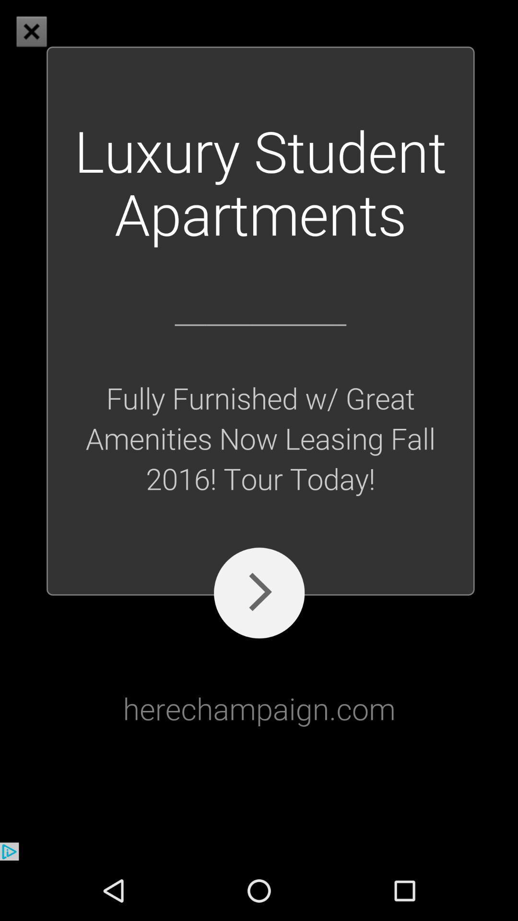 The height and width of the screenshot is (921, 518). I want to click on the close icon, so click(31, 34).